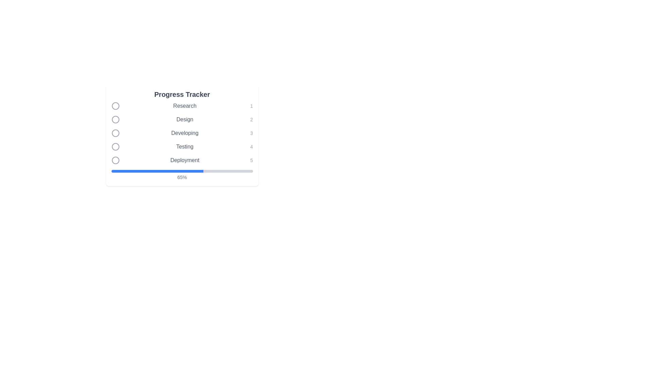 This screenshot has width=653, height=367. I want to click on the 'Research' stage label in the progress tracker interface, which is positioned second in the vertical list of labels and is aligned to the right of a circular icon and to the left of the number '1', so click(185, 106).